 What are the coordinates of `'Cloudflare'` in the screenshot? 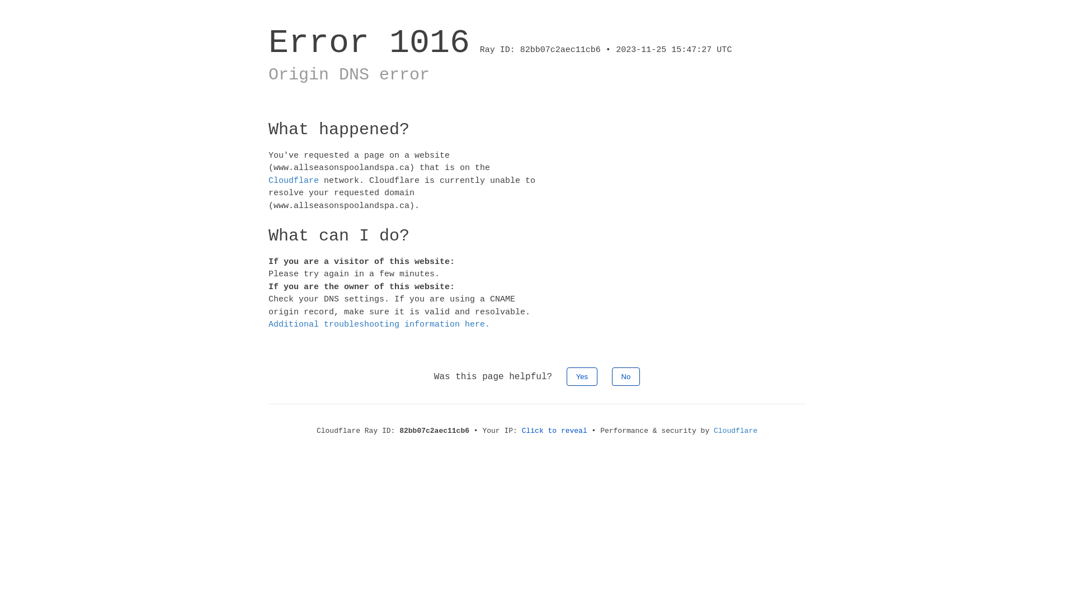 It's located at (268, 180).